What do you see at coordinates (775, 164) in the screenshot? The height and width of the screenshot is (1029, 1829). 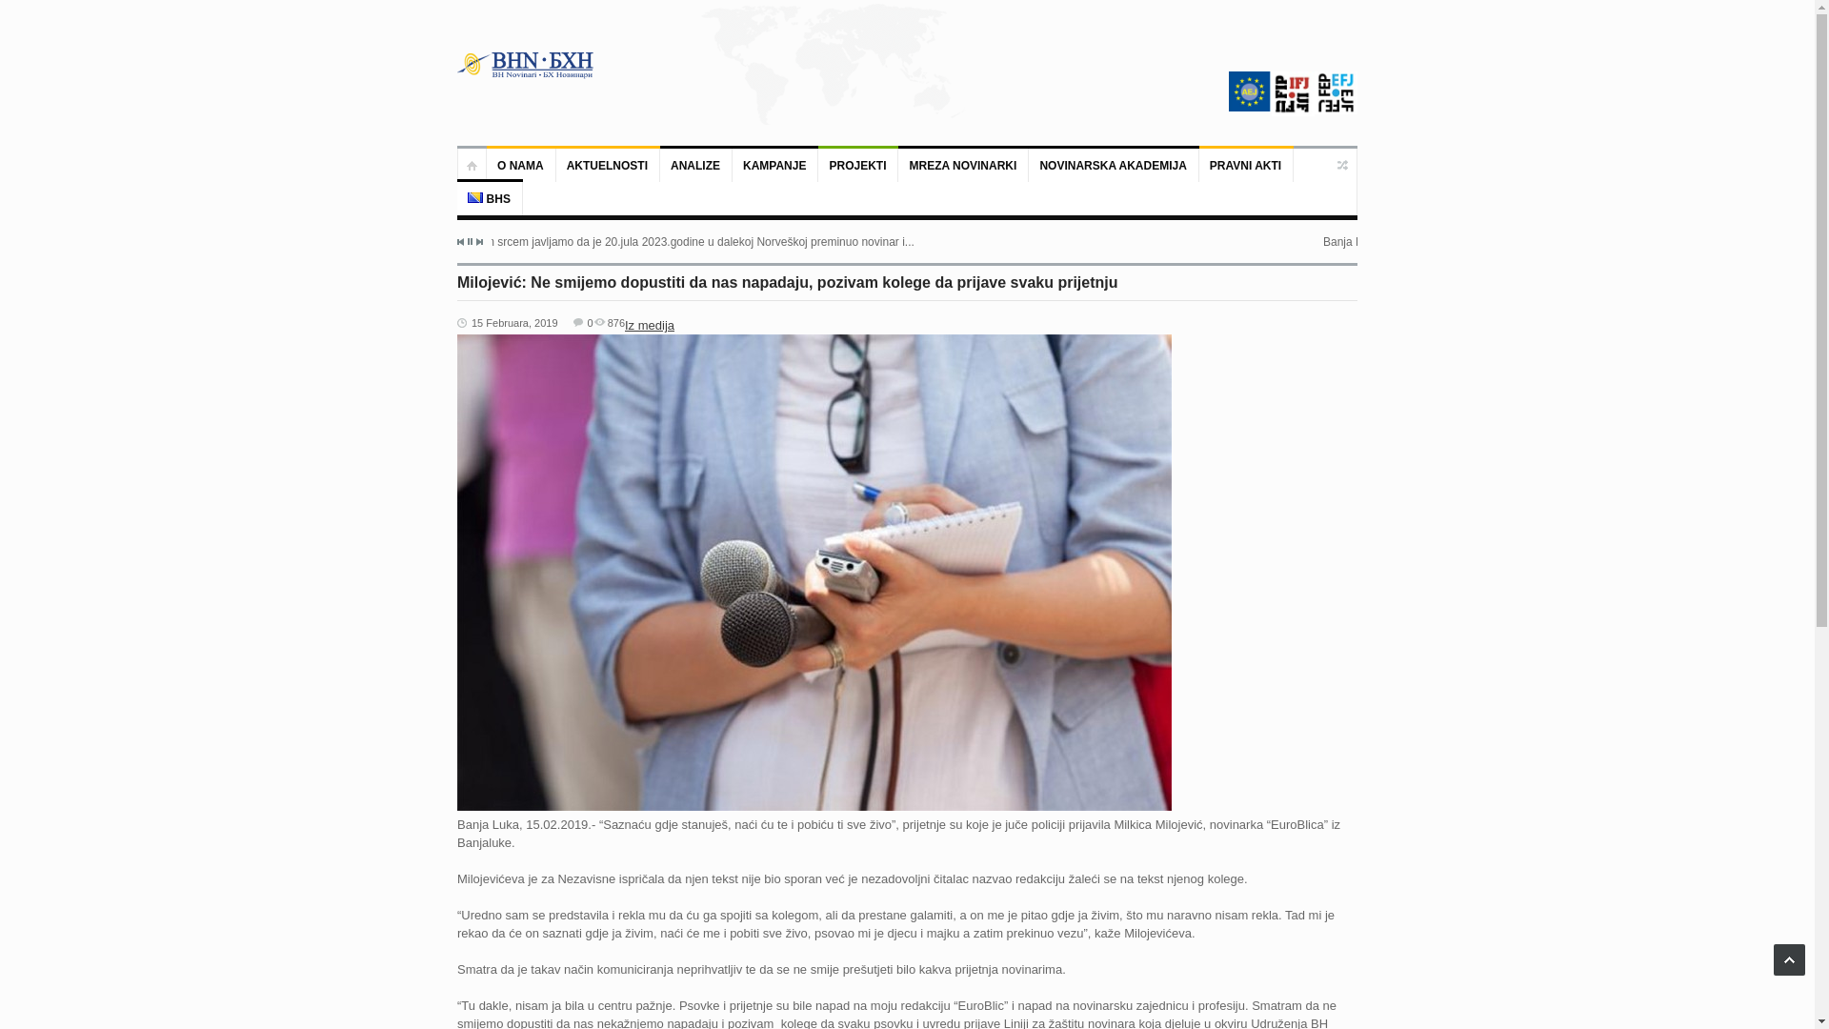 I see `'KAMPANJE'` at bounding box center [775, 164].